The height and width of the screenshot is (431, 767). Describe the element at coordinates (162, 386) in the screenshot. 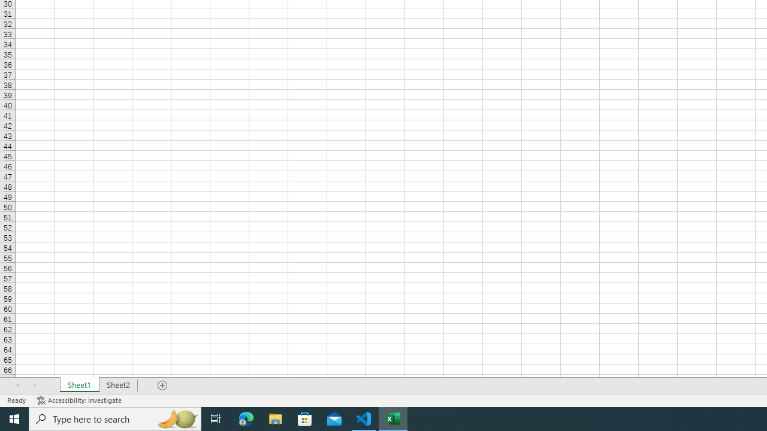

I see `'Add Sheet'` at that location.